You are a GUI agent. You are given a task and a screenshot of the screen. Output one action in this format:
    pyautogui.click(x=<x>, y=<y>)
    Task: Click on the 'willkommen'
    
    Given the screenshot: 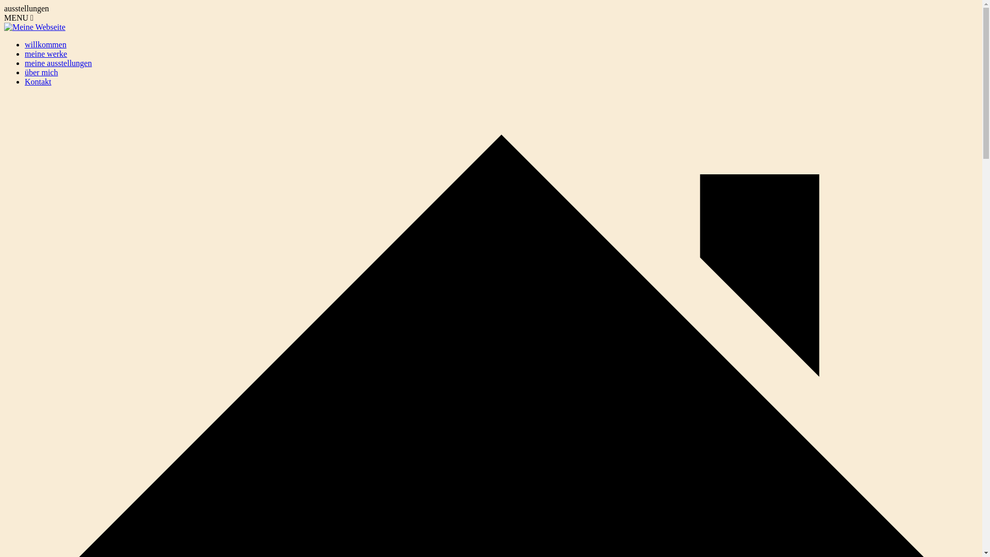 What is the action you would take?
    pyautogui.click(x=25, y=44)
    